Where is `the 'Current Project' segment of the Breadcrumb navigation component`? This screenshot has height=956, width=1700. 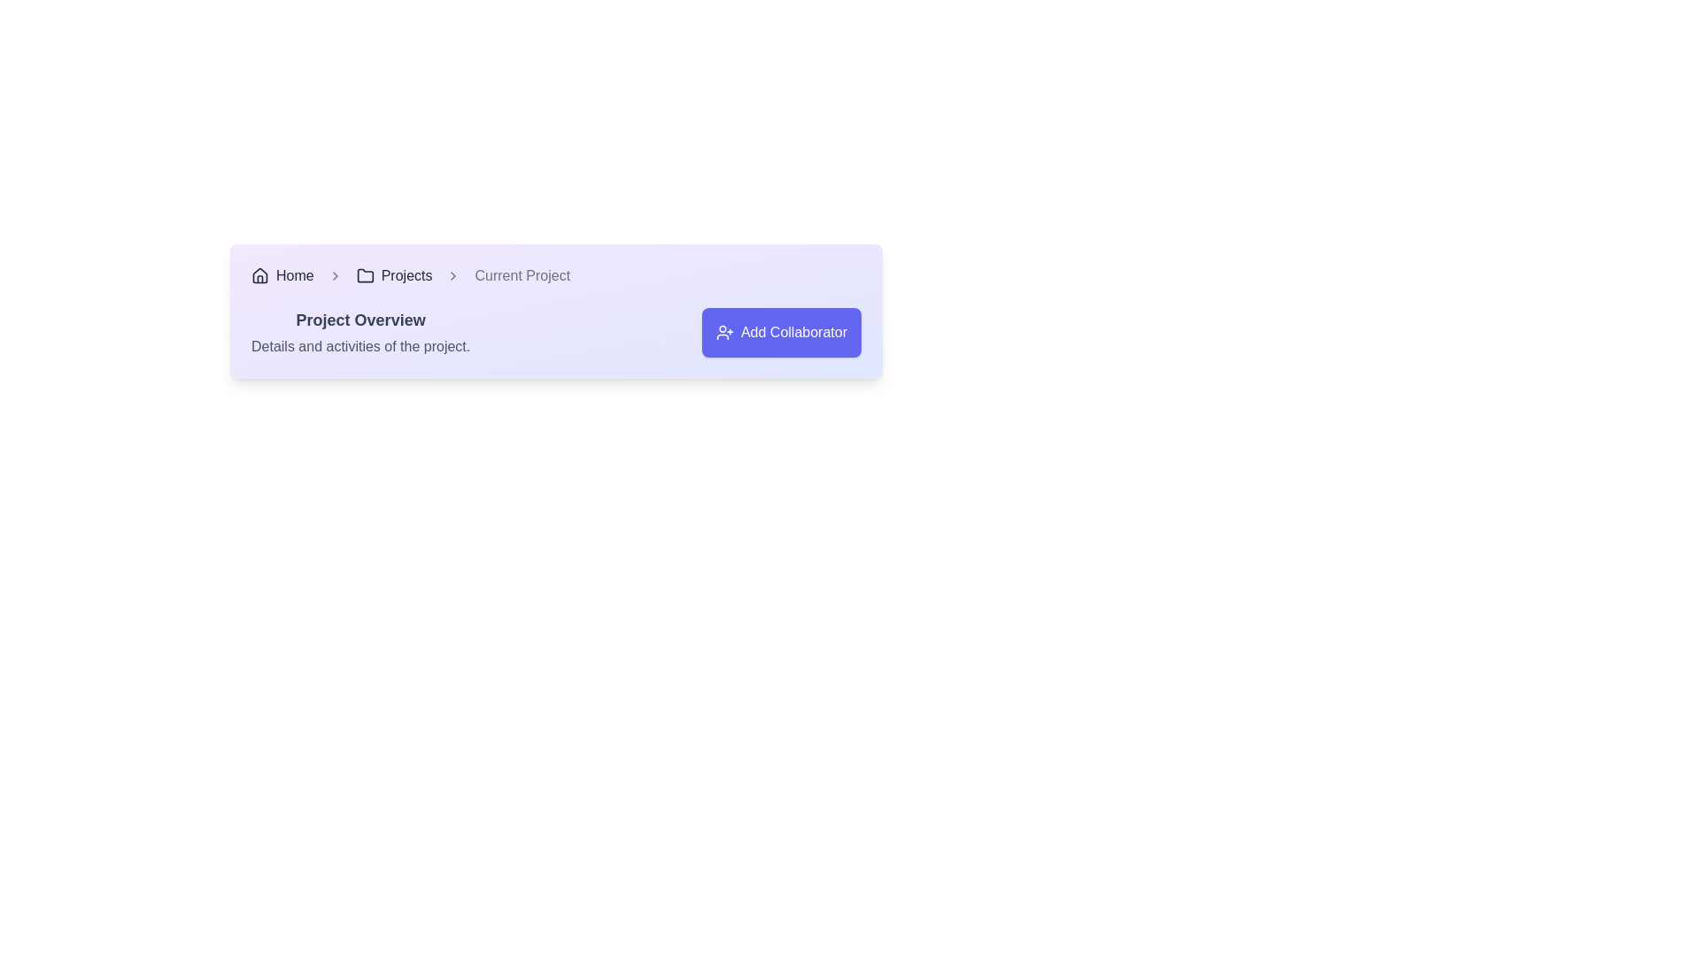 the 'Current Project' segment of the Breadcrumb navigation component is located at coordinates (555, 276).